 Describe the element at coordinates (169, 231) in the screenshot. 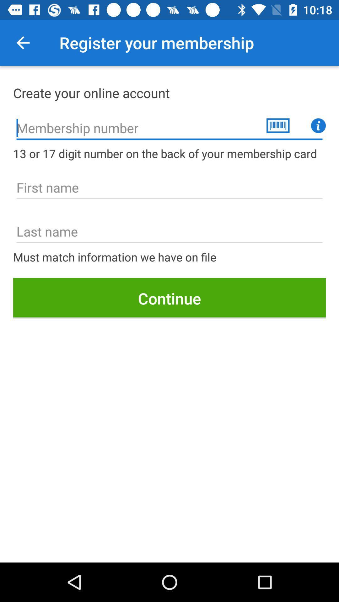

I see `text below first name` at that location.